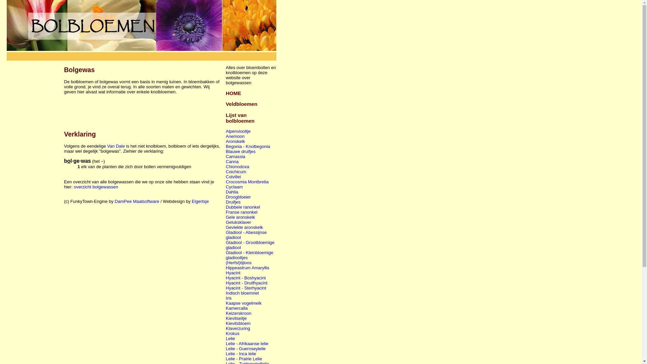 The image size is (647, 364). I want to click on 'Colvillei', so click(226, 176).